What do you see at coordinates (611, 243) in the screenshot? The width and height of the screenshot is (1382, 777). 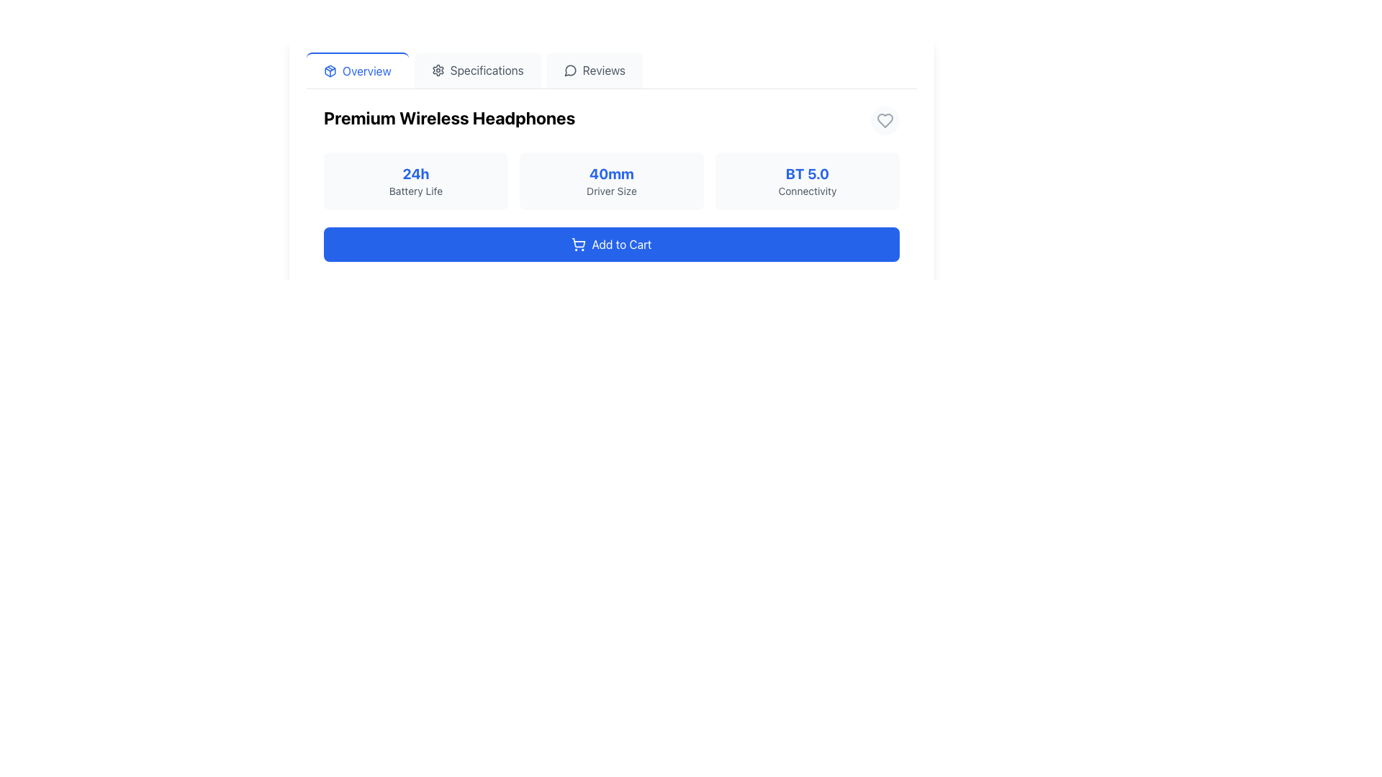 I see `the blue 'Add to Cart' button with a shopping cart icon` at bounding box center [611, 243].